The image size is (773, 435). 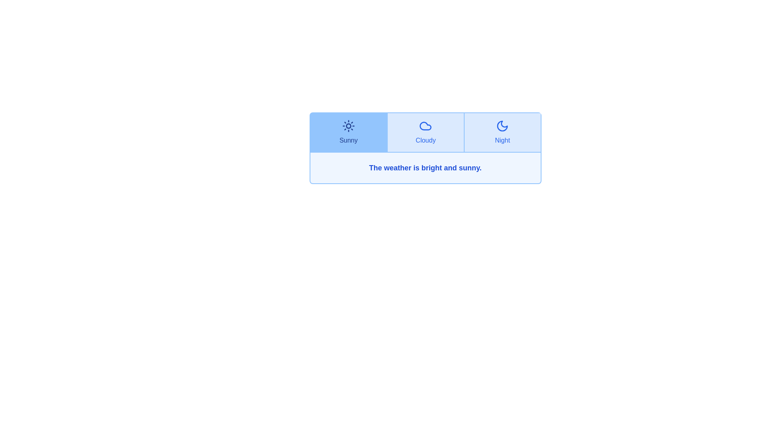 What do you see at coordinates (348, 132) in the screenshot?
I see `the Sunny tab` at bounding box center [348, 132].